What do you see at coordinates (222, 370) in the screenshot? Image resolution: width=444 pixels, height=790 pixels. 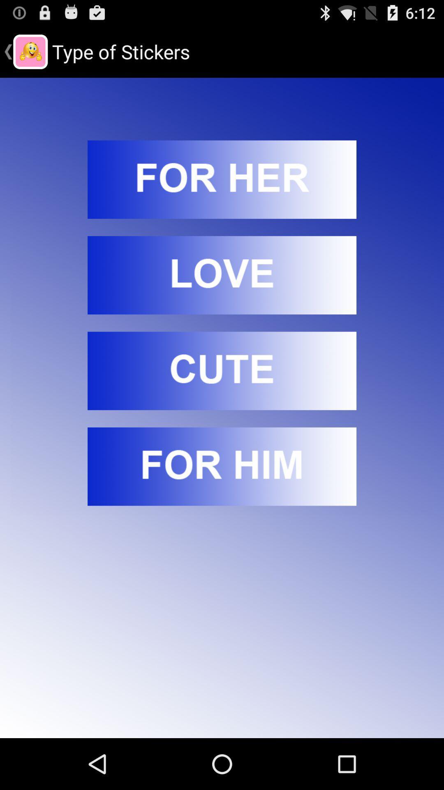 I see `open` at bounding box center [222, 370].